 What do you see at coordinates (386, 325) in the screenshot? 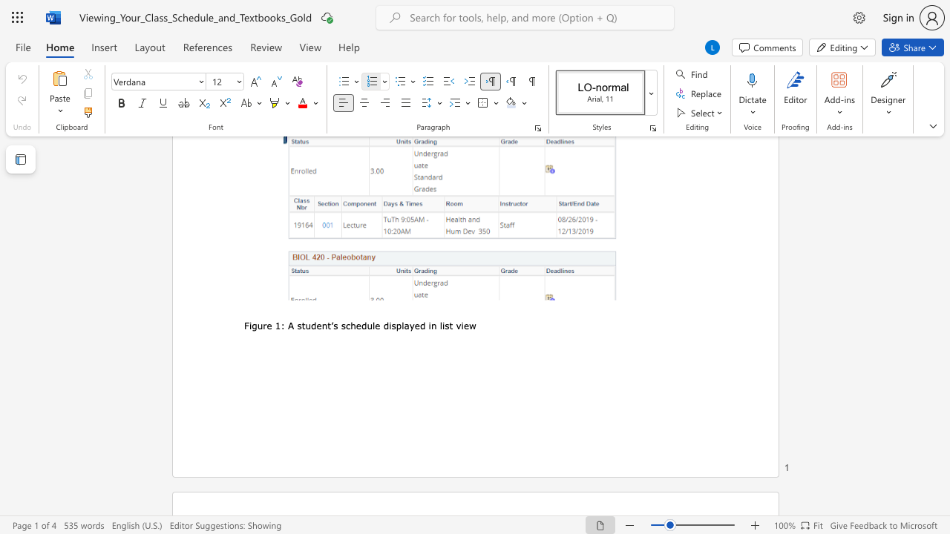
I see `the 3th character "d" in the text` at bounding box center [386, 325].